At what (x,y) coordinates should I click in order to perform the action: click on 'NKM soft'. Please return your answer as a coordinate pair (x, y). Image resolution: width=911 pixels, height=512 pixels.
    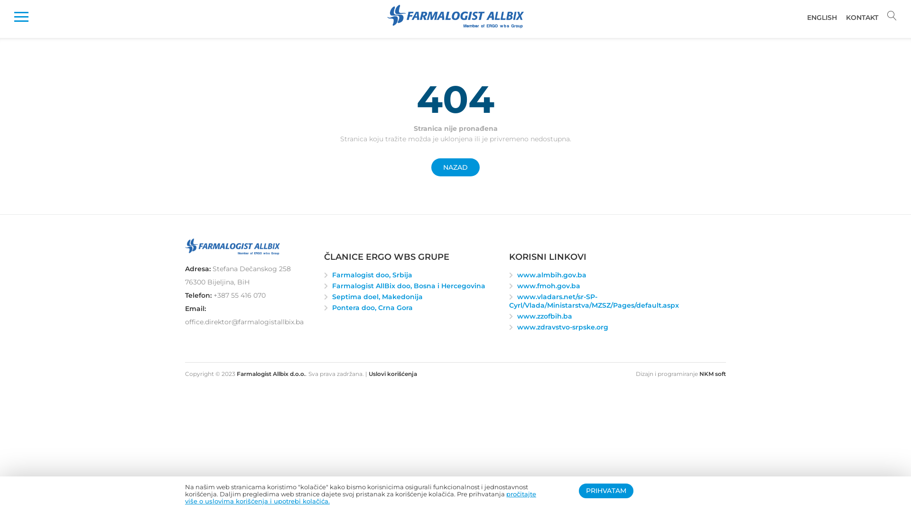
    Looking at the image, I should click on (713, 373).